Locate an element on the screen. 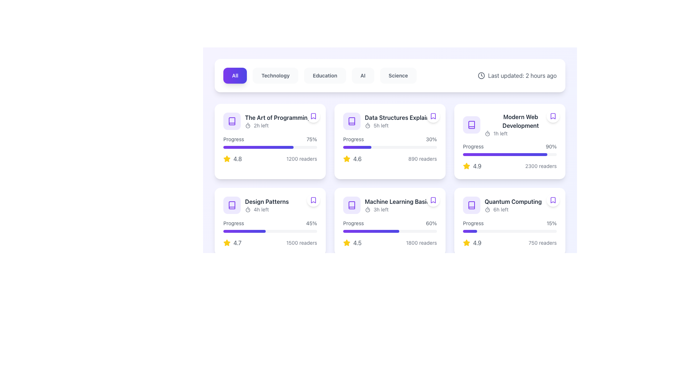 Image resolution: width=695 pixels, height=391 pixels. the clock icon, which is a minimalistic SVG graphic with a circular outline and positioned near the text 'Last updated: 2 hours ago' in the top-right section of the interface is located at coordinates (481, 75).